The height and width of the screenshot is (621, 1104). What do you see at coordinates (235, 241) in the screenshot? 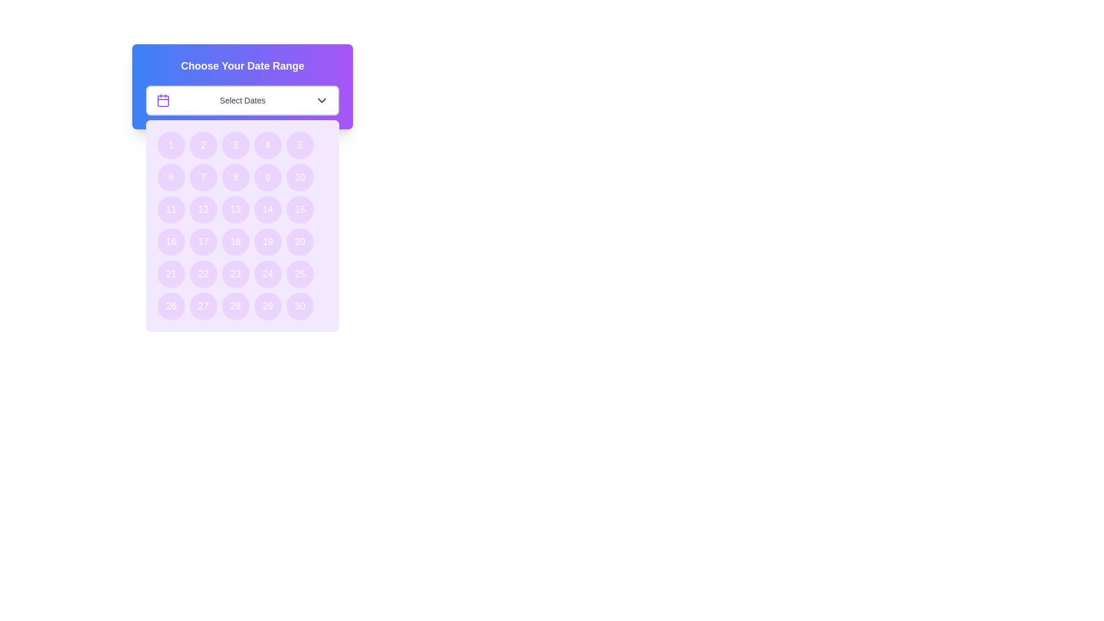
I see `the circular button with a light purple background displaying the number '18' in white text, located in the fourth row and third column of the date picker grid` at bounding box center [235, 241].